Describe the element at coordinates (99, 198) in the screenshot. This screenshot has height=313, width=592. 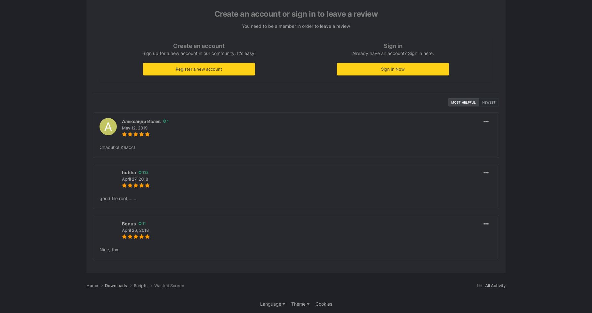
I see `'good file root.......'` at that location.